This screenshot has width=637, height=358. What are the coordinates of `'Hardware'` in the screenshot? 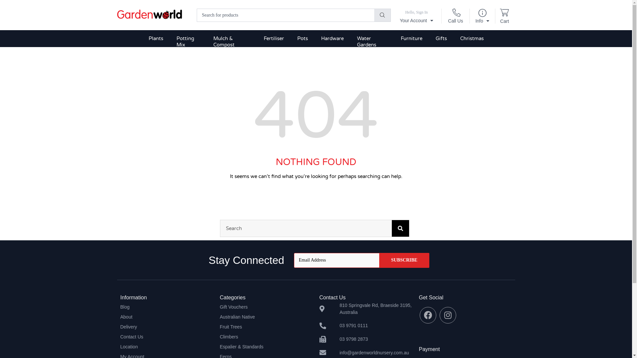 It's located at (332, 38).